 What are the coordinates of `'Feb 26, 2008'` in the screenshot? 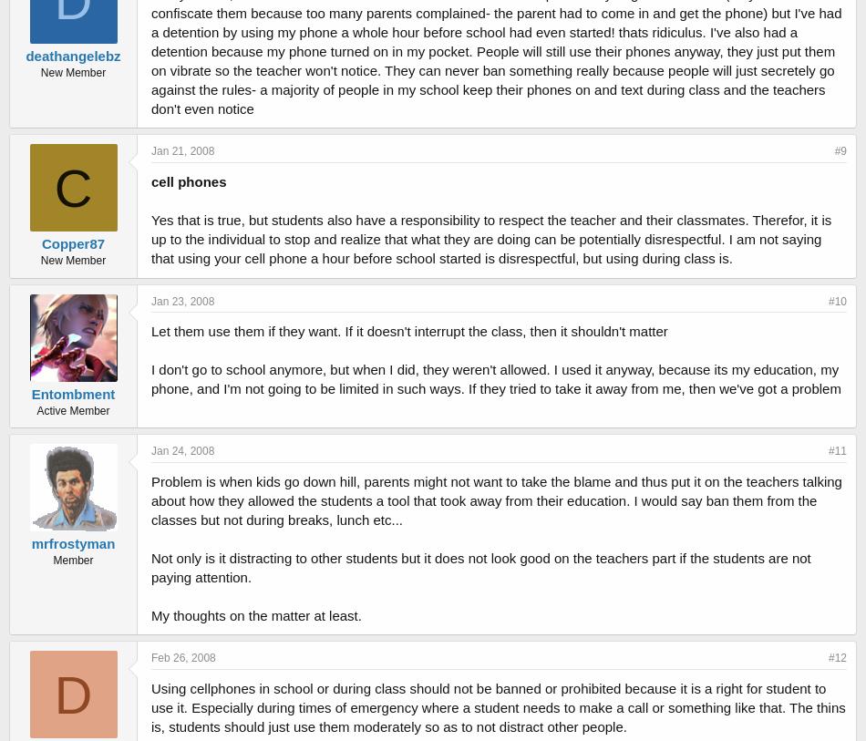 It's located at (183, 658).